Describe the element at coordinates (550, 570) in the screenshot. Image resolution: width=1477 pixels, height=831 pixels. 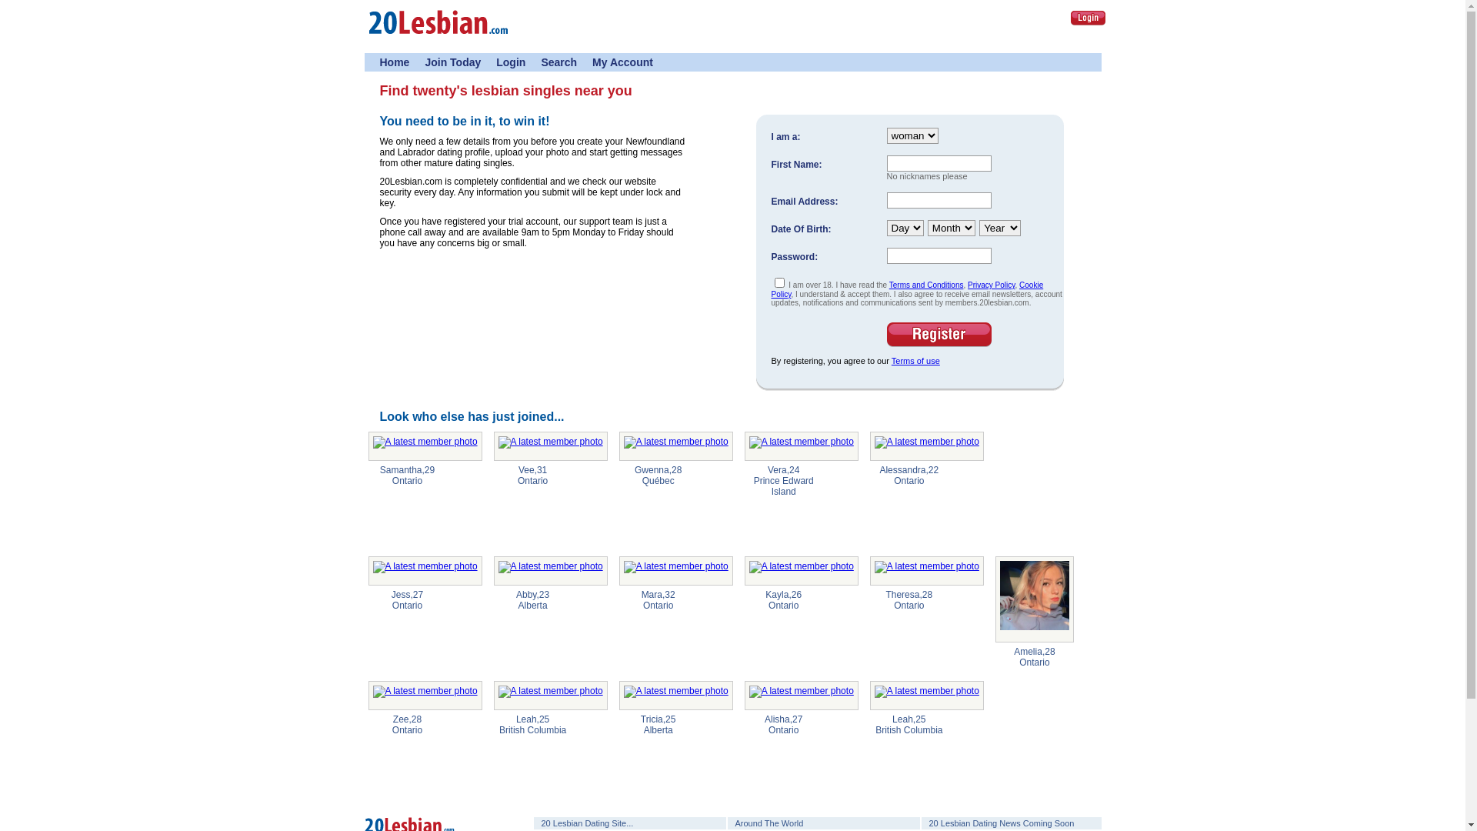
I see `'Abby, 23 from Calgary, Alberta'` at that location.